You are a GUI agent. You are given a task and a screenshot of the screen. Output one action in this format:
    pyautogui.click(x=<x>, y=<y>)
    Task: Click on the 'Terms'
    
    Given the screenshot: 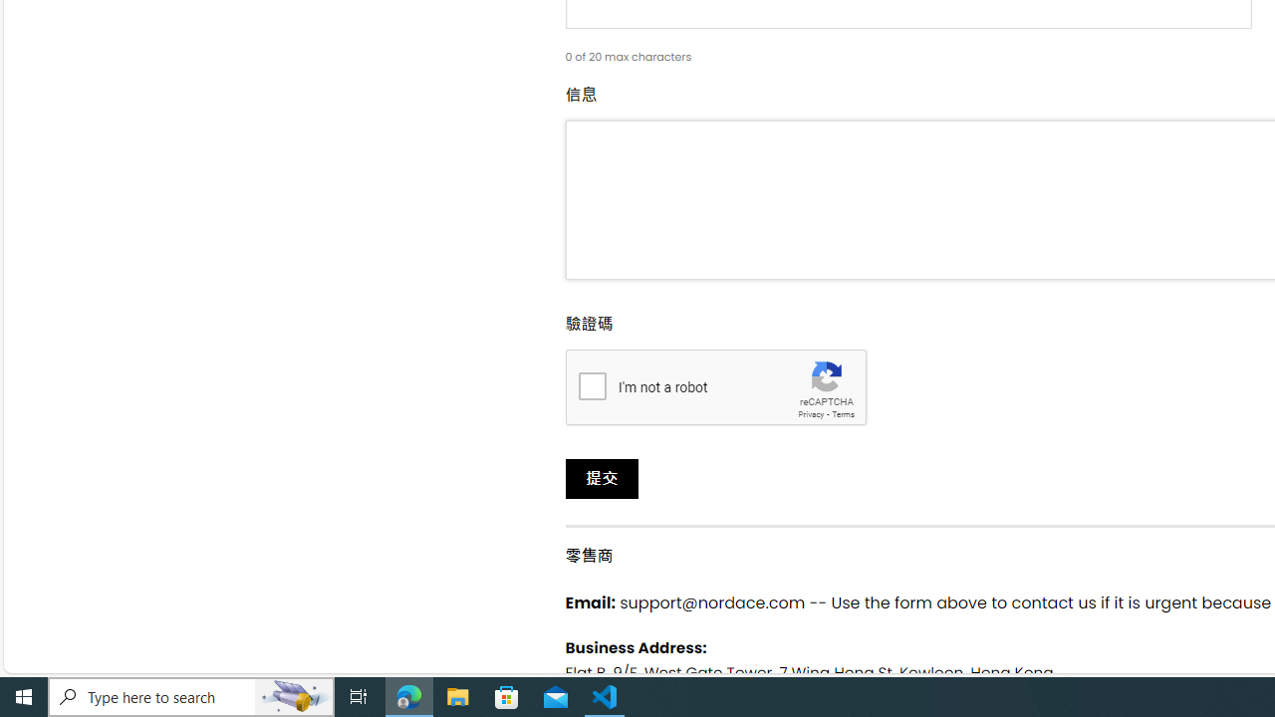 What is the action you would take?
    pyautogui.click(x=843, y=413)
    